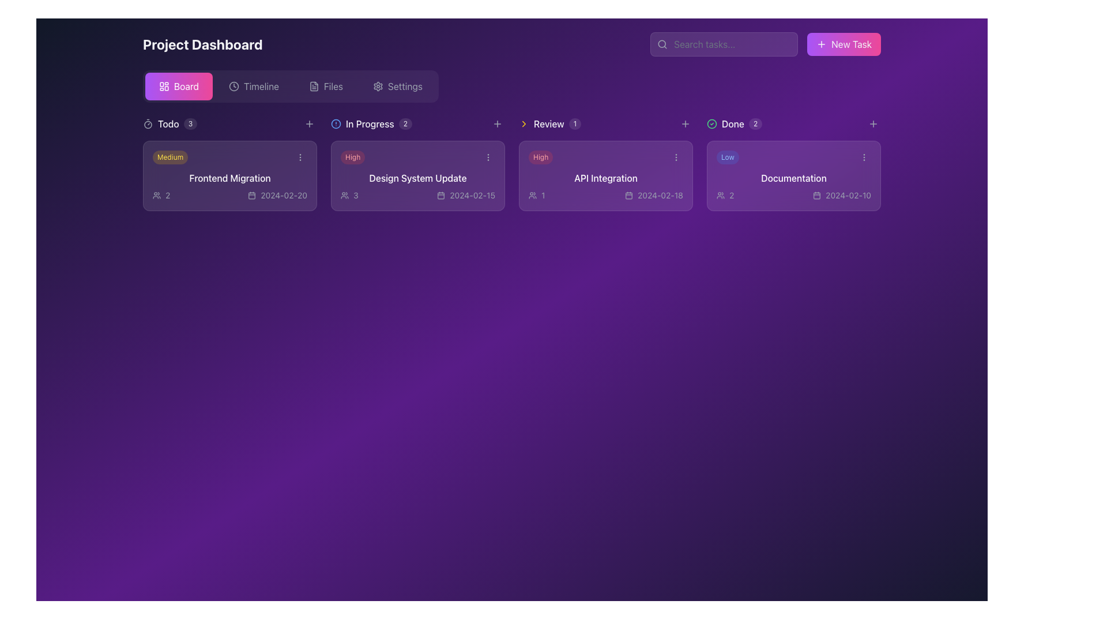 This screenshot has height=623, width=1107. I want to click on the addition button icon located at the top-right corner of the 'Done' section in the dashboard, so click(873, 124).